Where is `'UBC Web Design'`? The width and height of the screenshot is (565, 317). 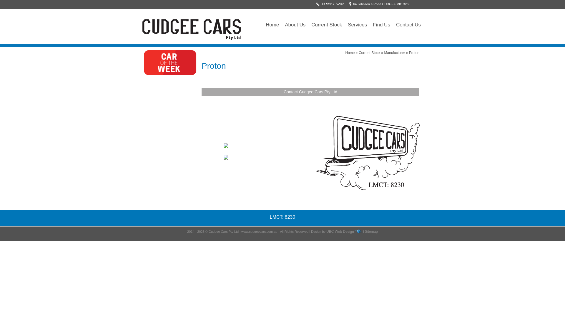
'UBC Web Design' is located at coordinates (340, 231).